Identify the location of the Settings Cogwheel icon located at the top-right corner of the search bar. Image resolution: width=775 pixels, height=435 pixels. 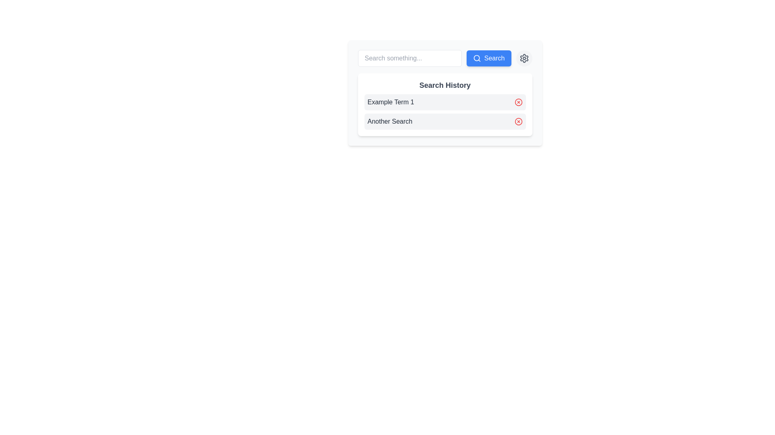
(524, 58).